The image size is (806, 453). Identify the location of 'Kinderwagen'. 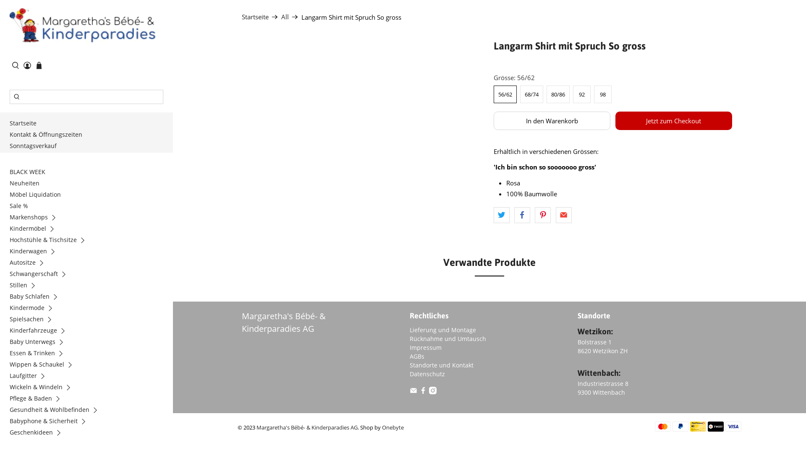
(34, 252).